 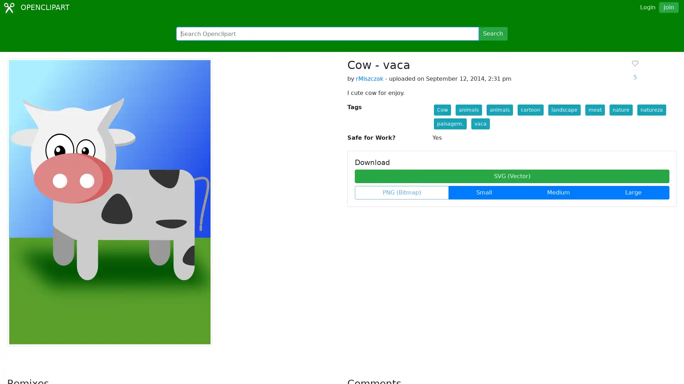 I want to click on Search, so click(x=492, y=34).